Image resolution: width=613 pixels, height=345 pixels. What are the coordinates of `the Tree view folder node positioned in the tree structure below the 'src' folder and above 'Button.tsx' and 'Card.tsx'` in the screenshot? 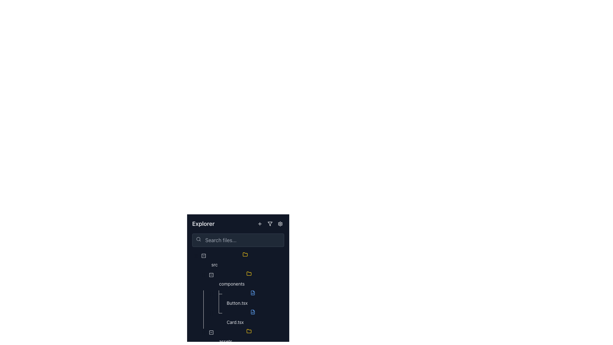 It's located at (238, 280).